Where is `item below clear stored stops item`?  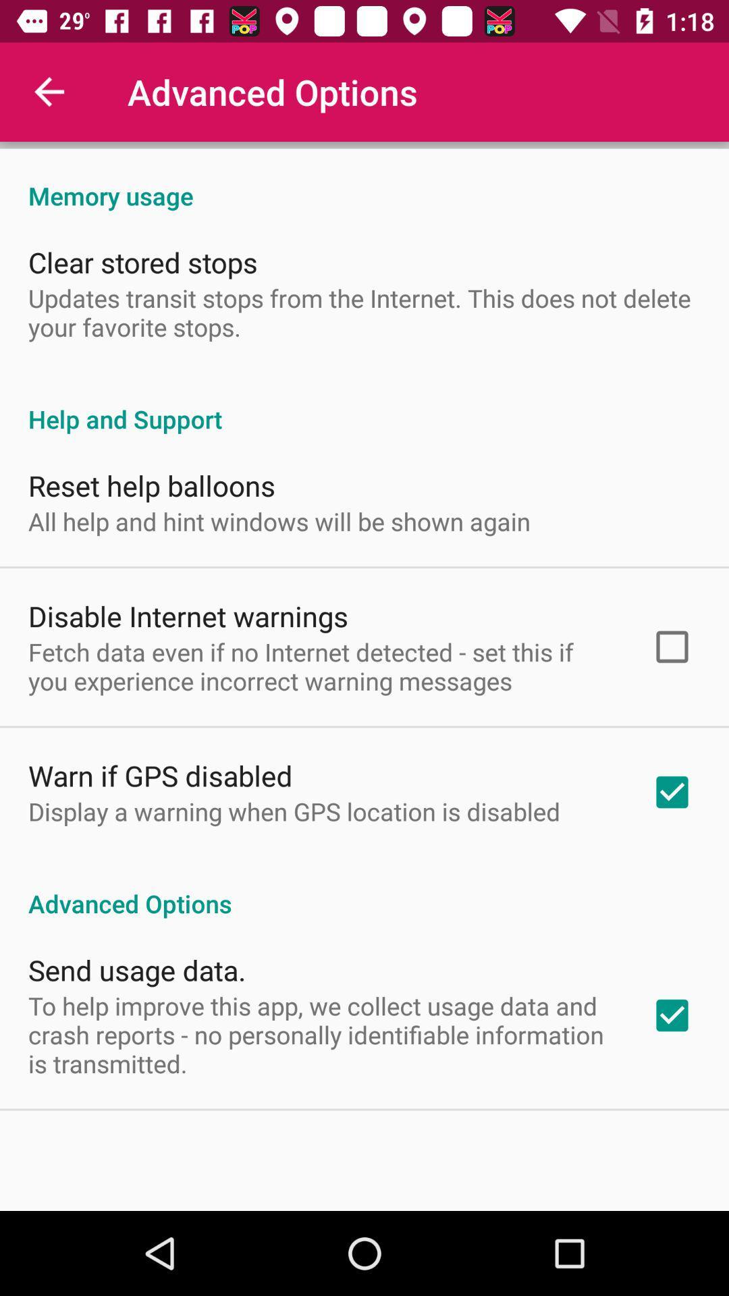
item below clear stored stops item is located at coordinates (364, 312).